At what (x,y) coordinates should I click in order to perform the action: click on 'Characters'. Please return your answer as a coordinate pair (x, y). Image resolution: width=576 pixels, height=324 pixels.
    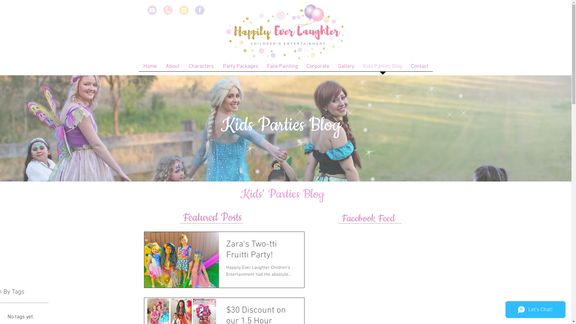
    Looking at the image, I should click on (201, 68).